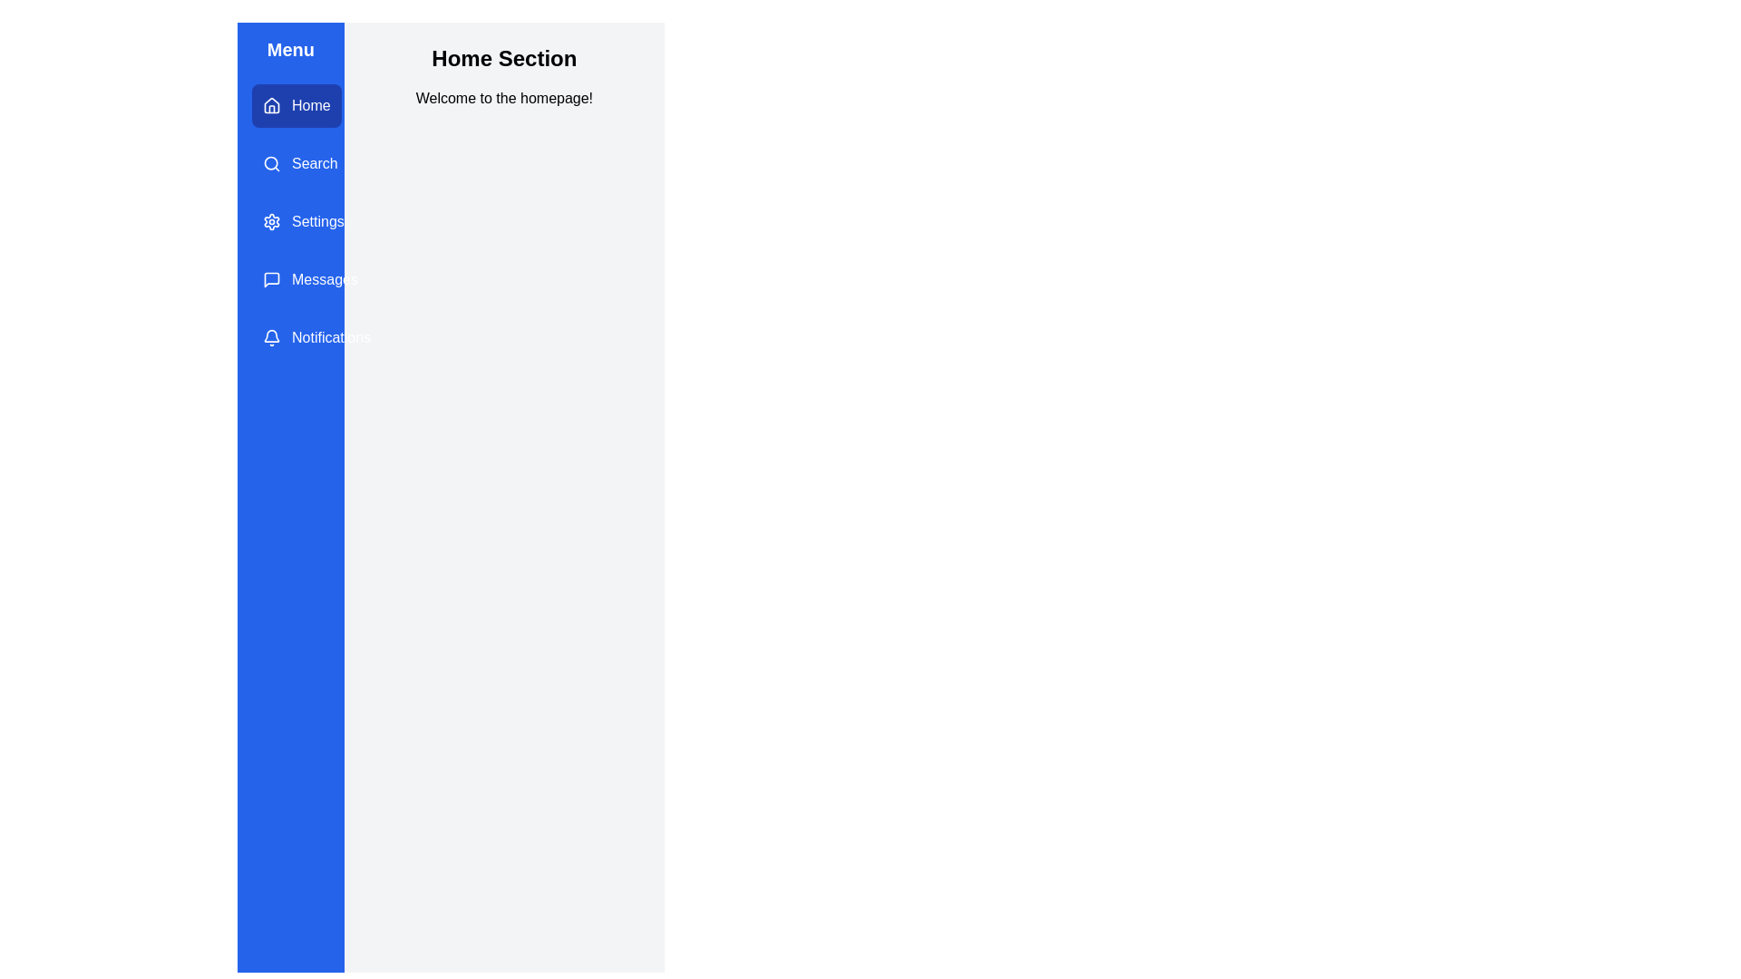 This screenshot has width=1741, height=979. Describe the element at coordinates (270, 338) in the screenshot. I see `the bell icon located in the sidebar menu` at that location.